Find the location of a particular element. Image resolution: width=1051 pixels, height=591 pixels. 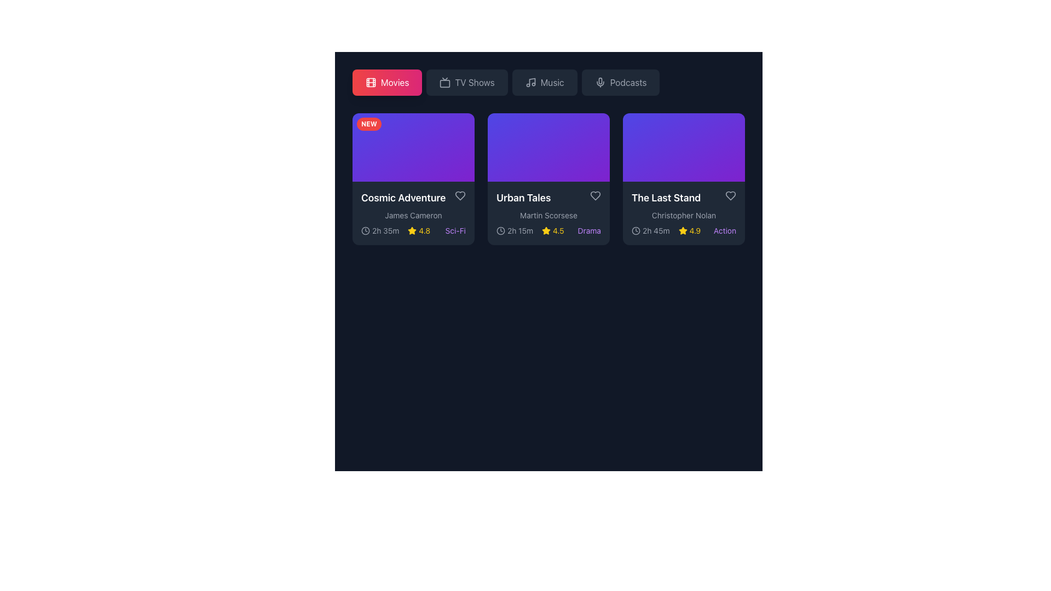

the time duration icon located at the leftmost position within its group, preceding the '2h 15m' text in the second card of the horizontal layout is located at coordinates (500, 230).